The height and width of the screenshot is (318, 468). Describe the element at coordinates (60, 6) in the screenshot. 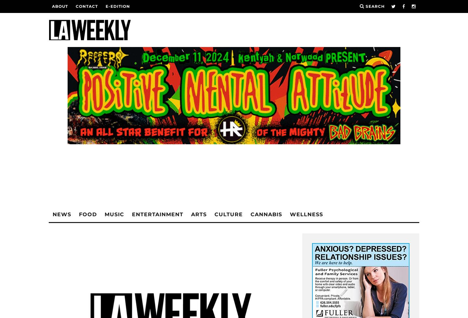

I see `'About'` at that location.